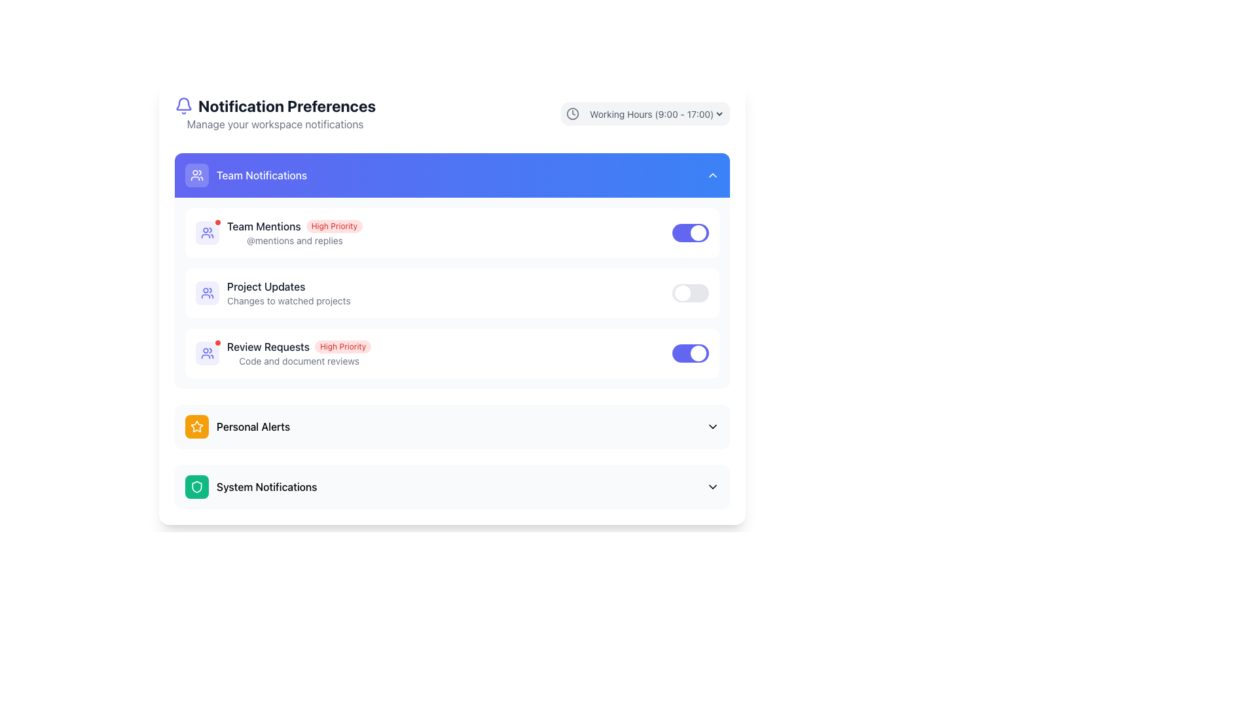 The width and height of the screenshot is (1257, 707). What do you see at coordinates (206, 292) in the screenshot?
I see `the small indigo icon of two people within the rounded rectangular light blue background, located in the 'Project Updates' section of the 'Team Notifications' panel` at bounding box center [206, 292].